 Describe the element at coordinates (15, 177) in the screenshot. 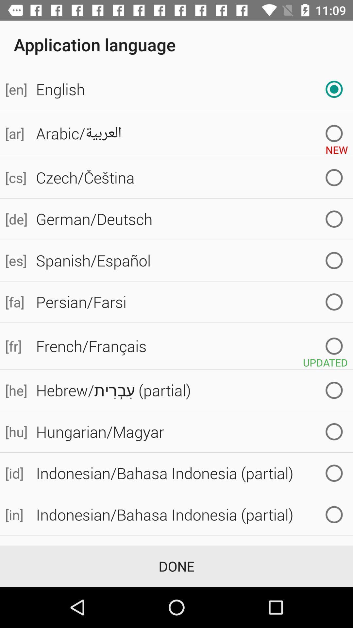

I see `the icon above the german/deutsch` at that location.